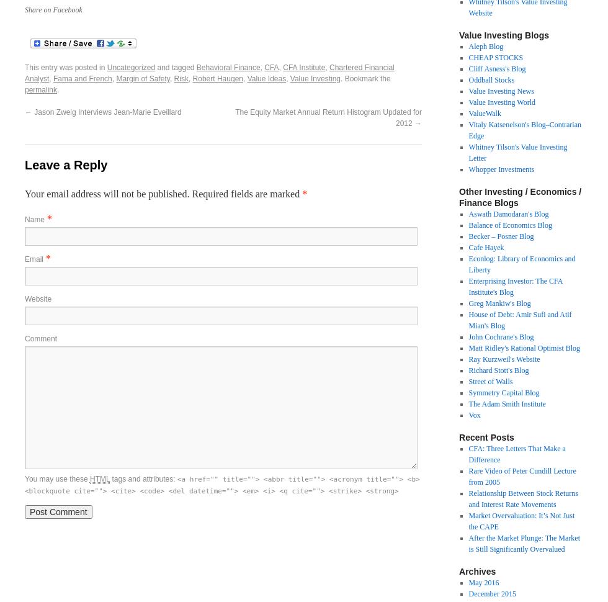 The width and height of the screenshot is (608, 602). What do you see at coordinates (228, 68) in the screenshot?
I see `'Behavioral Finance'` at bounding box center [228, 68].